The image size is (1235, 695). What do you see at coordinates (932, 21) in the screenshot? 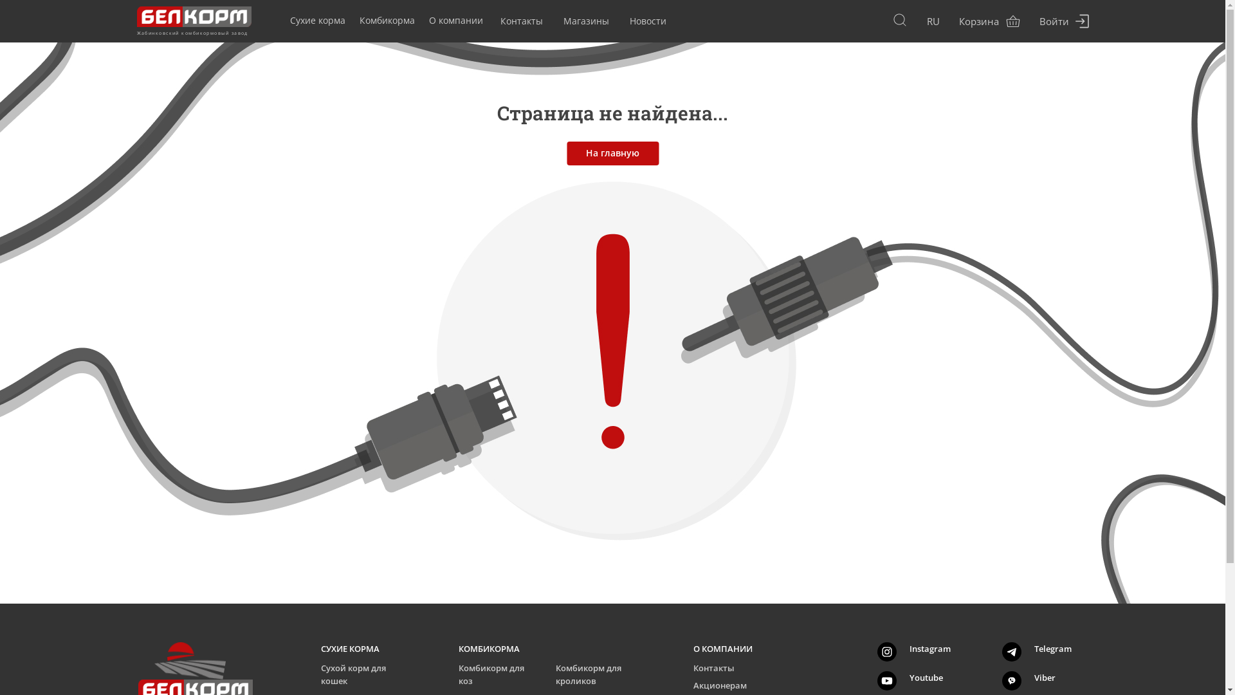
I see `'RU'` at bounding box center [932, 21].